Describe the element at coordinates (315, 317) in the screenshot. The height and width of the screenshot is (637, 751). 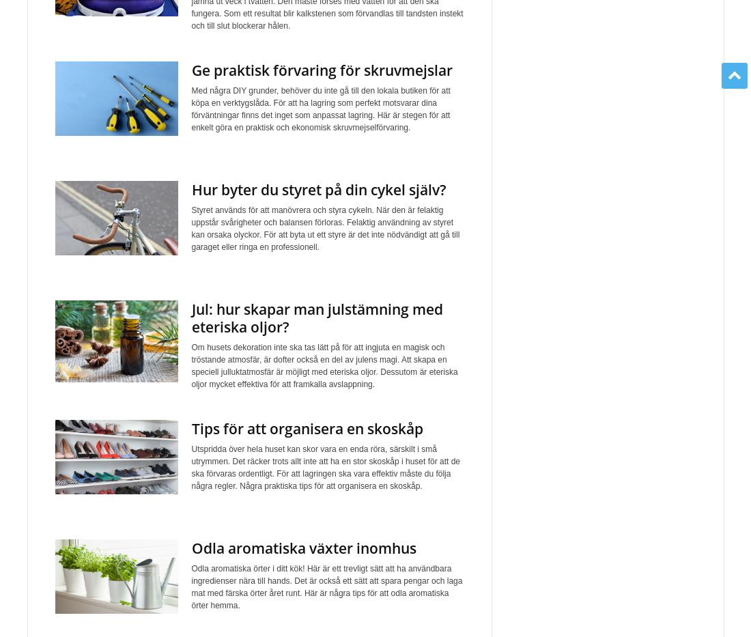
I see `'Jul: hur skapar man julstämning med eteriska oljor?'` at that location.